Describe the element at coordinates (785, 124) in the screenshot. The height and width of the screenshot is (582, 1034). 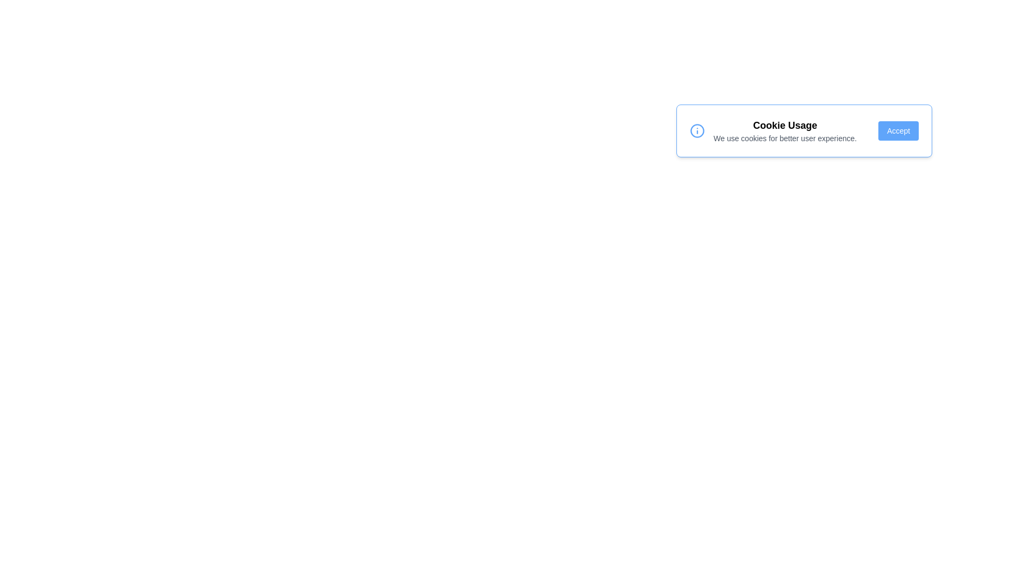
I see `the bold, large-sized text label reading 'Cookie Usage' located near the top-left of the modal notification box, positioned above a smaller description and next to the 'Accept' button` at that location.